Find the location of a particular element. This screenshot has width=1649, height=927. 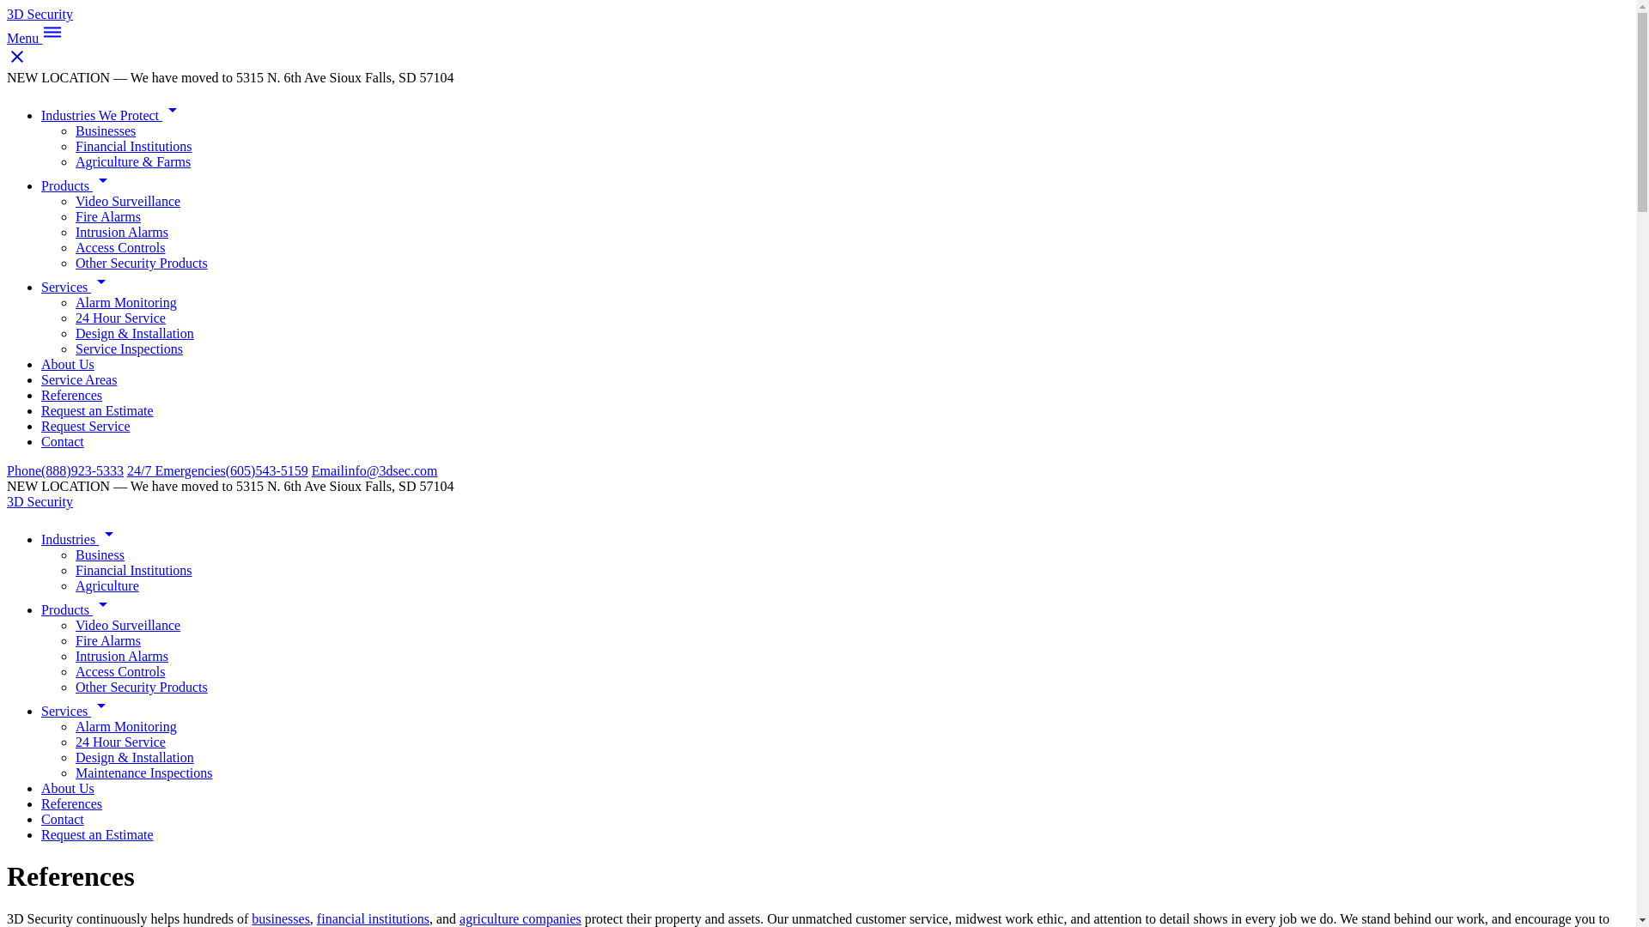

'agriculture companies' is located at coordinates (519, 918).